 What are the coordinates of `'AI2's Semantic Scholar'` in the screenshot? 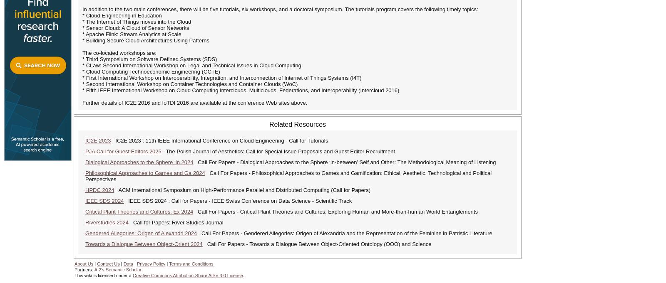 It's located at (118, 269).